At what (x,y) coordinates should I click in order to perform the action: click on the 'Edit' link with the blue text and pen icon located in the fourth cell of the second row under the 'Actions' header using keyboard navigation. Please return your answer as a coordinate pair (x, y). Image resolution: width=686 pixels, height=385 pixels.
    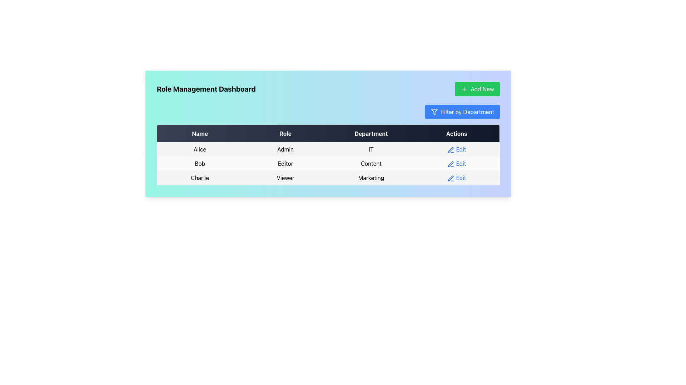
    Looking at the image, I should click on (456, 164).